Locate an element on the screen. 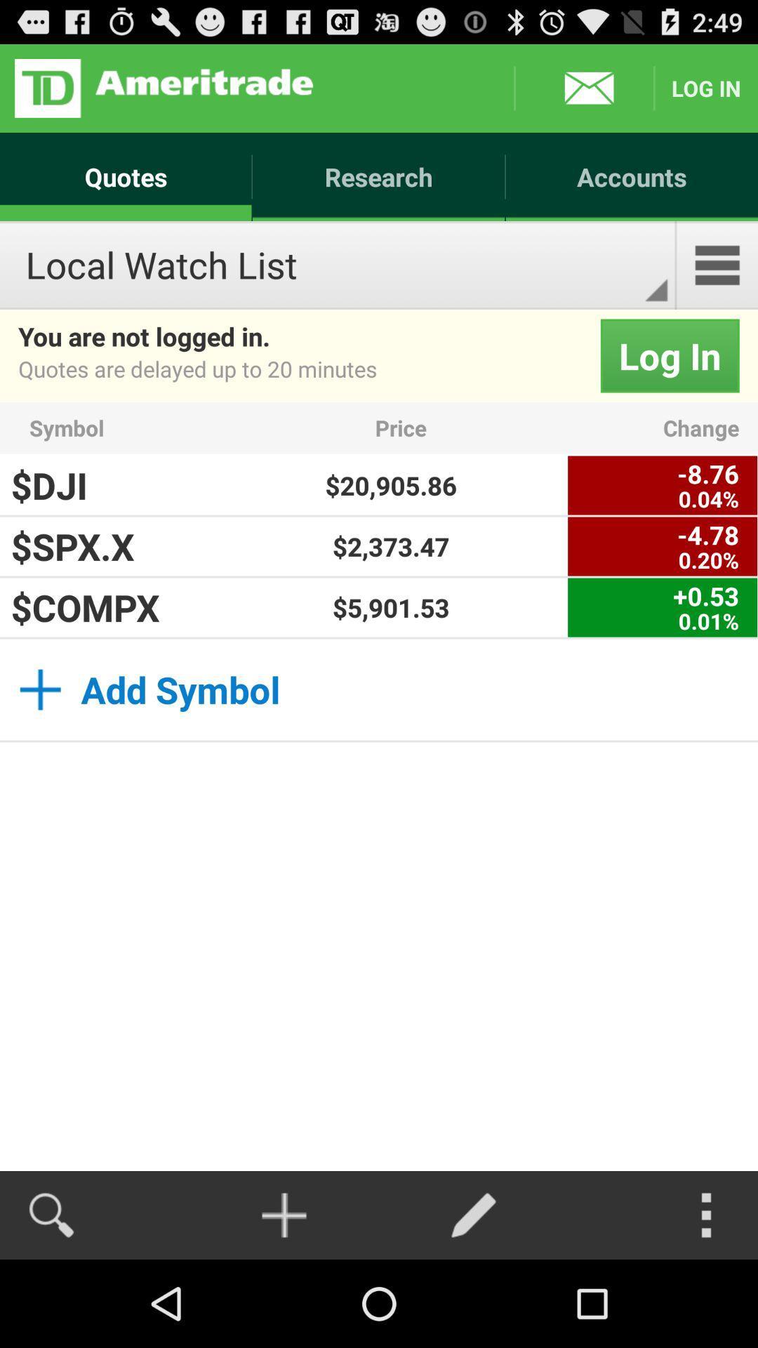 Image resolution: width=758 pixels, height=1348 pixels. the icon above log in item is located at coordinates (717, 265).